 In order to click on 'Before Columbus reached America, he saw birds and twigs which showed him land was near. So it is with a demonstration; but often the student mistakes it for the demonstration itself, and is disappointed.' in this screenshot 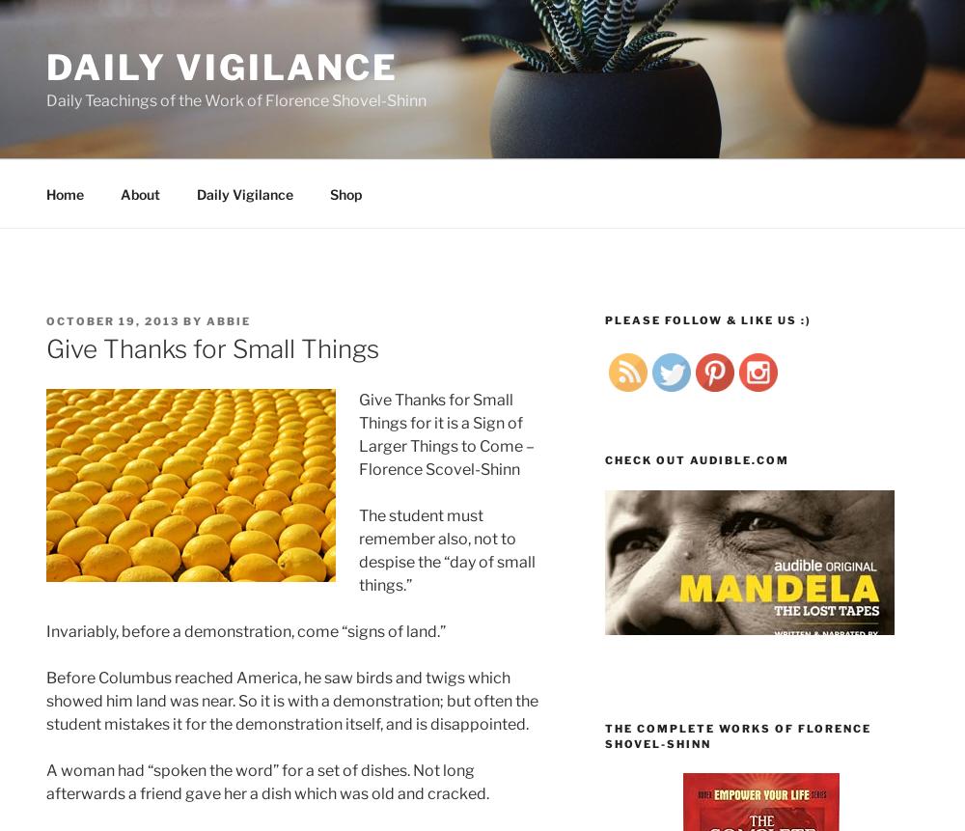, I will do `click(292, 700)`.